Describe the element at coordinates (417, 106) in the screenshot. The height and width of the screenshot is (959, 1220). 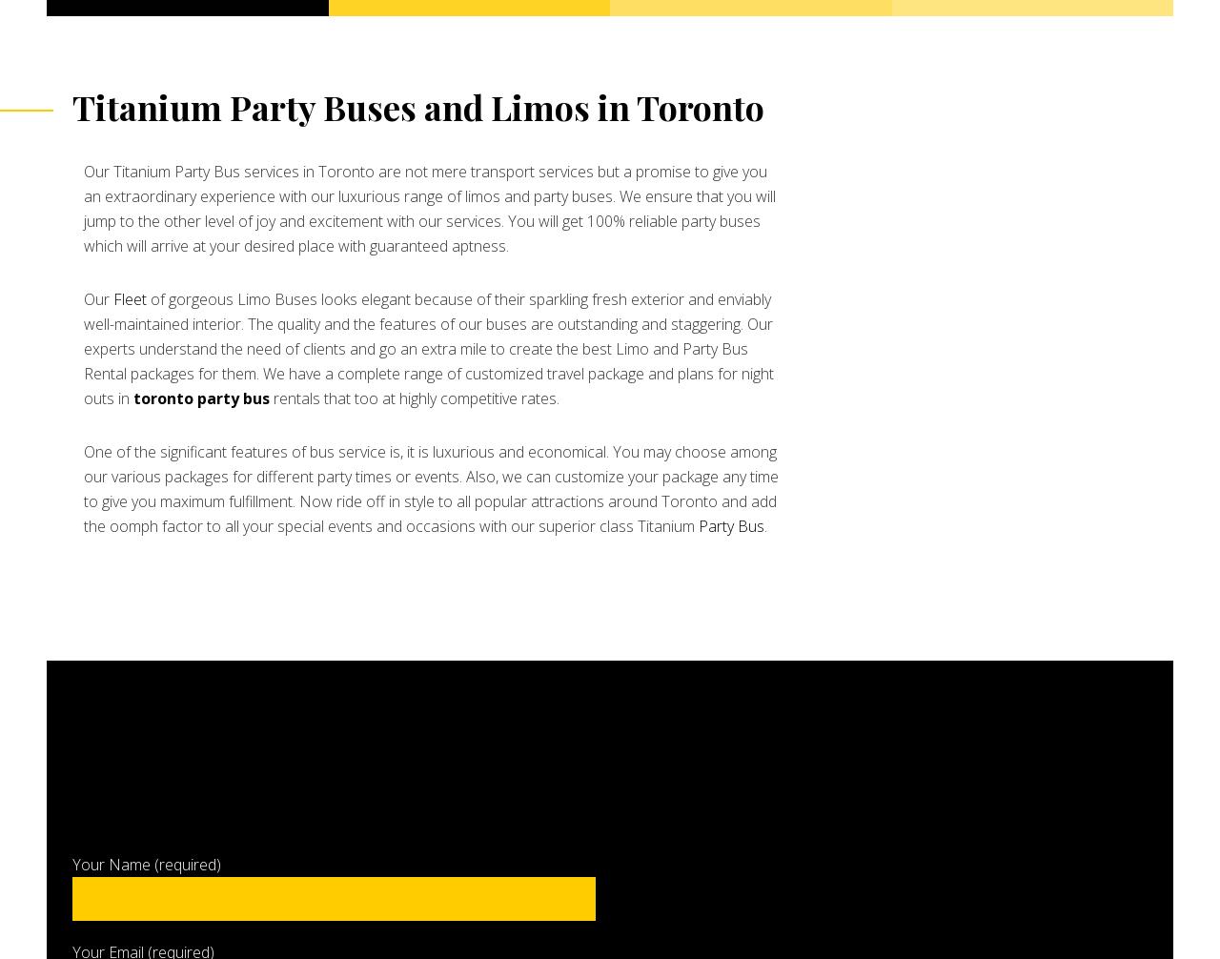
I see `'Titanium Party Buses and Limos in Toronto'` at that location.